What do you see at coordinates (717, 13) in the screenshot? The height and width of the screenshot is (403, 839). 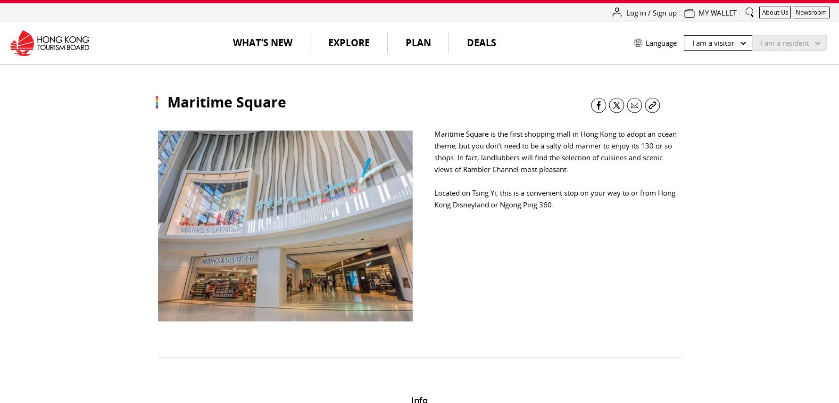 I see `'MY WALLET'` at bounding box center [717, 13].